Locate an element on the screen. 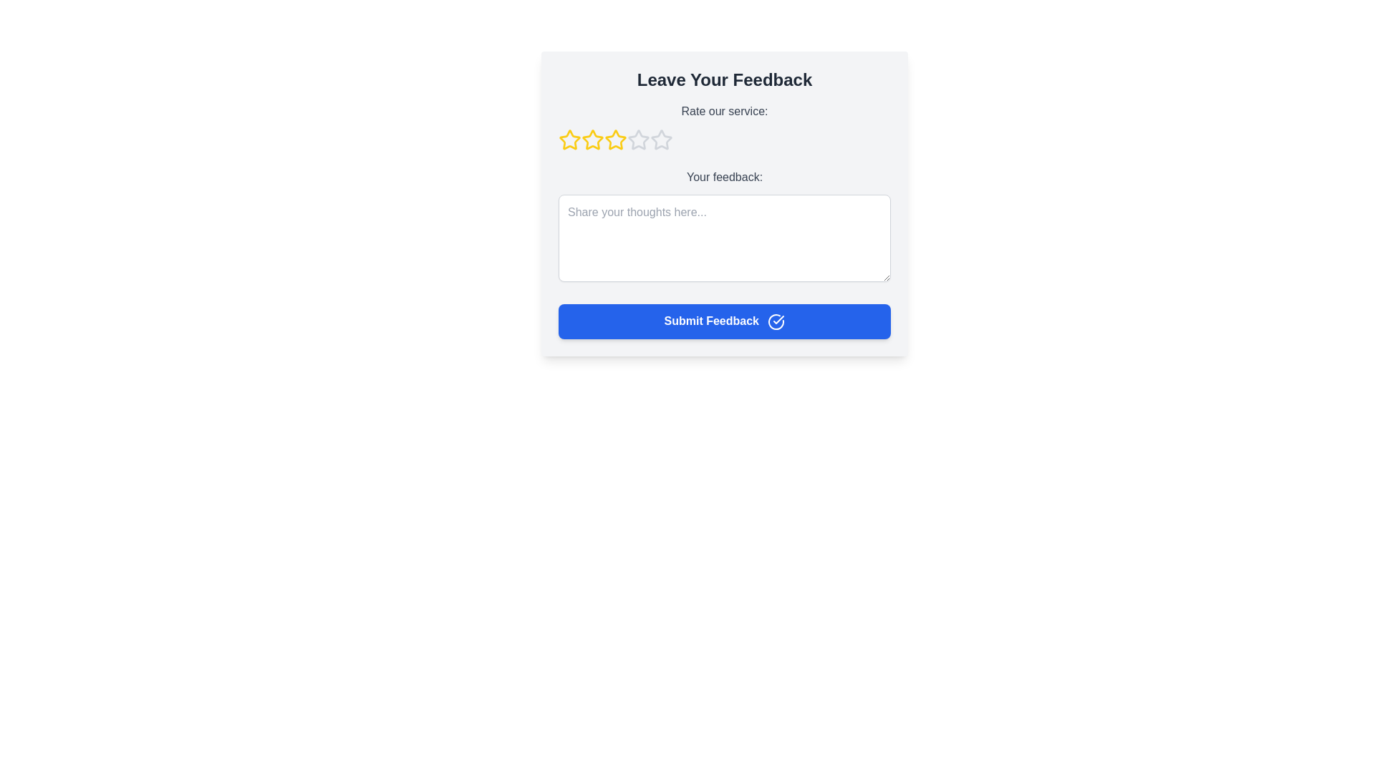 This screenshot has width=1375, height=773. the fourth star-shaped icon in the rating system to assign a four-star rating is located at coordinates (637, 140).